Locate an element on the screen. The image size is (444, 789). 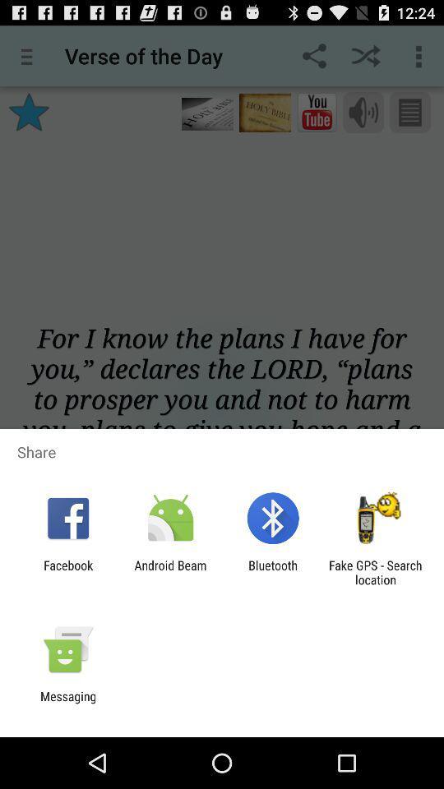
app next to android beam is located at coordinates (67, 572).